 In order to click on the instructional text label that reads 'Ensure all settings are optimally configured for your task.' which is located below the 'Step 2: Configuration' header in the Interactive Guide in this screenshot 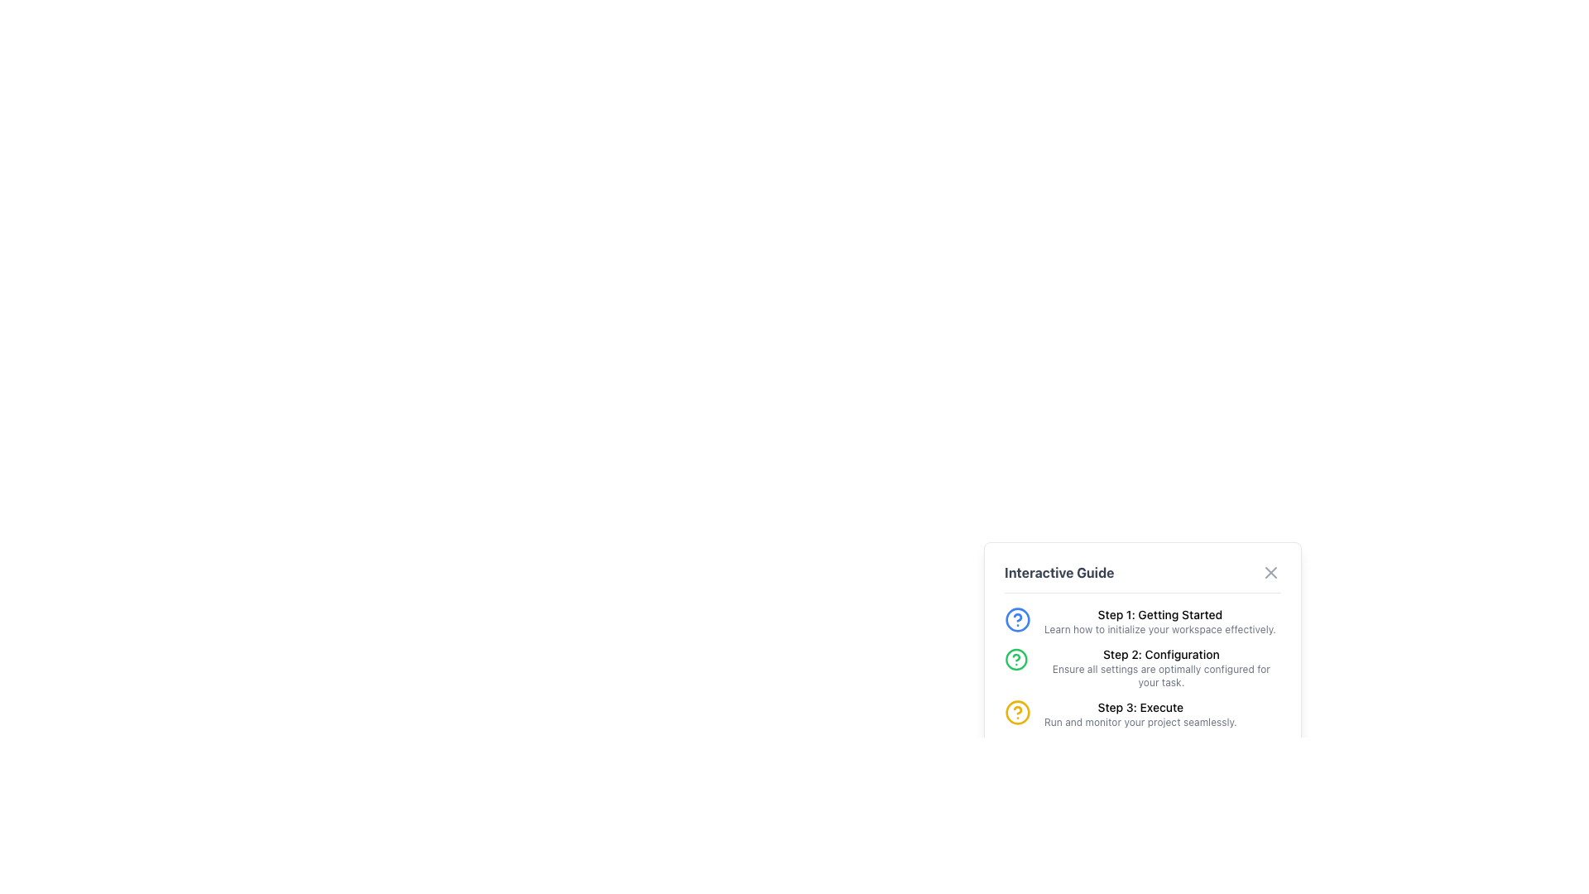, I will do `click(1160, 676)`.